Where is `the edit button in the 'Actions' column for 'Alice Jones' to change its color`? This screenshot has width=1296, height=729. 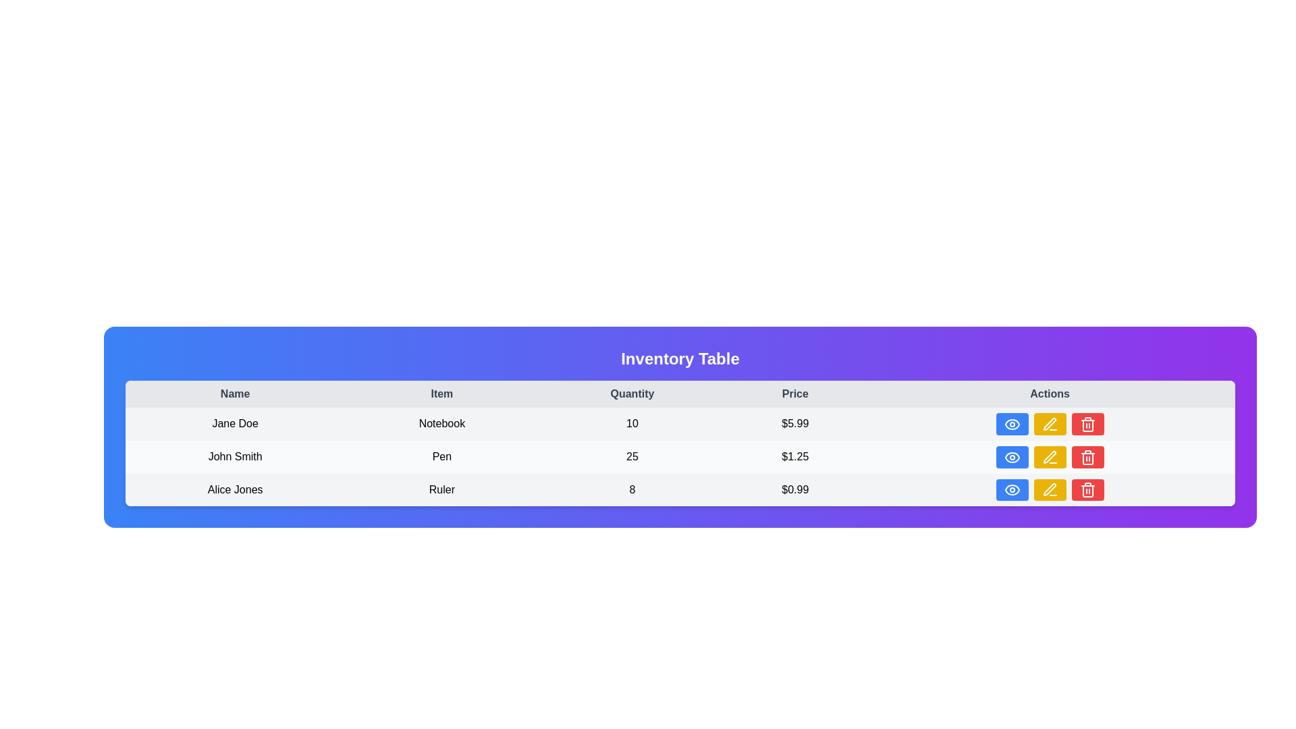 the edit button in the 'Actions' column for 'Alice Jones' to change its color is located at coordinates (1049, 489).